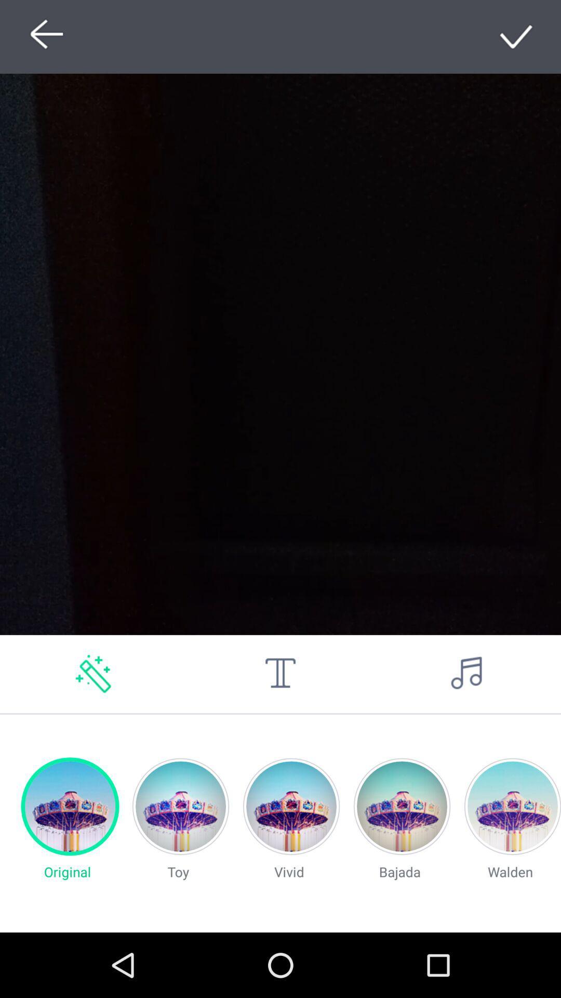  Describe the element at coordinates (280, 674) in the screenshot. I see `text` at that location.